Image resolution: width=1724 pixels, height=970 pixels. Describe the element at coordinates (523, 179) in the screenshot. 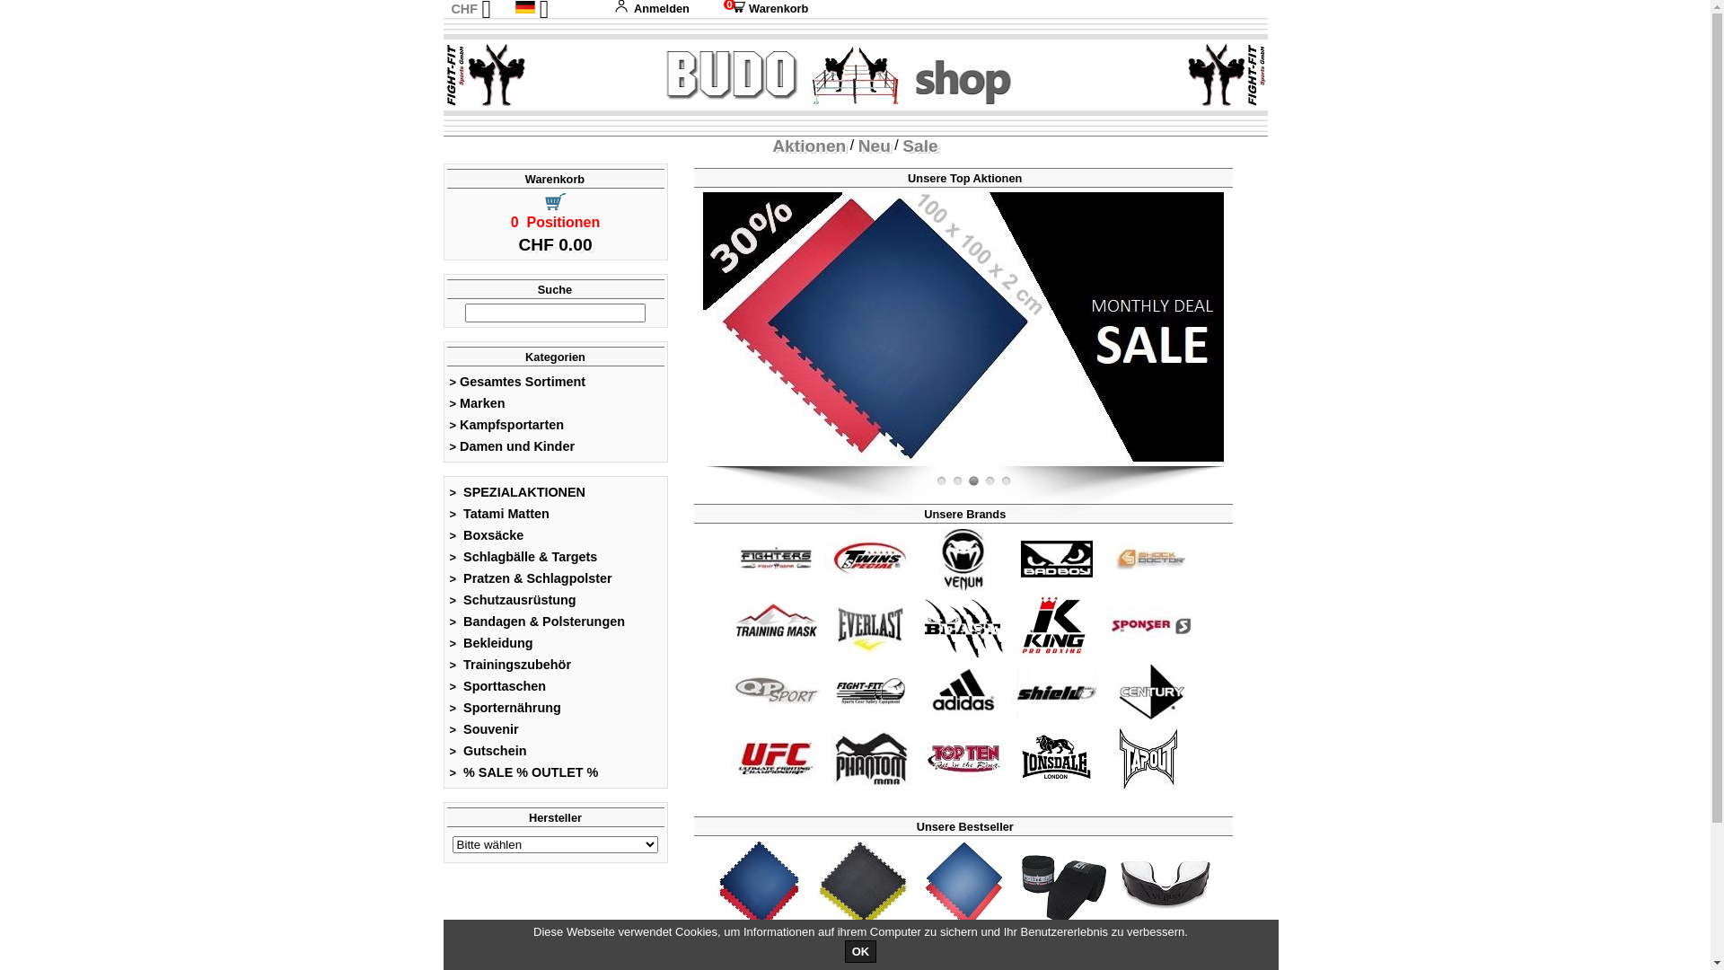

I see `'Warenkorb'` at that location.